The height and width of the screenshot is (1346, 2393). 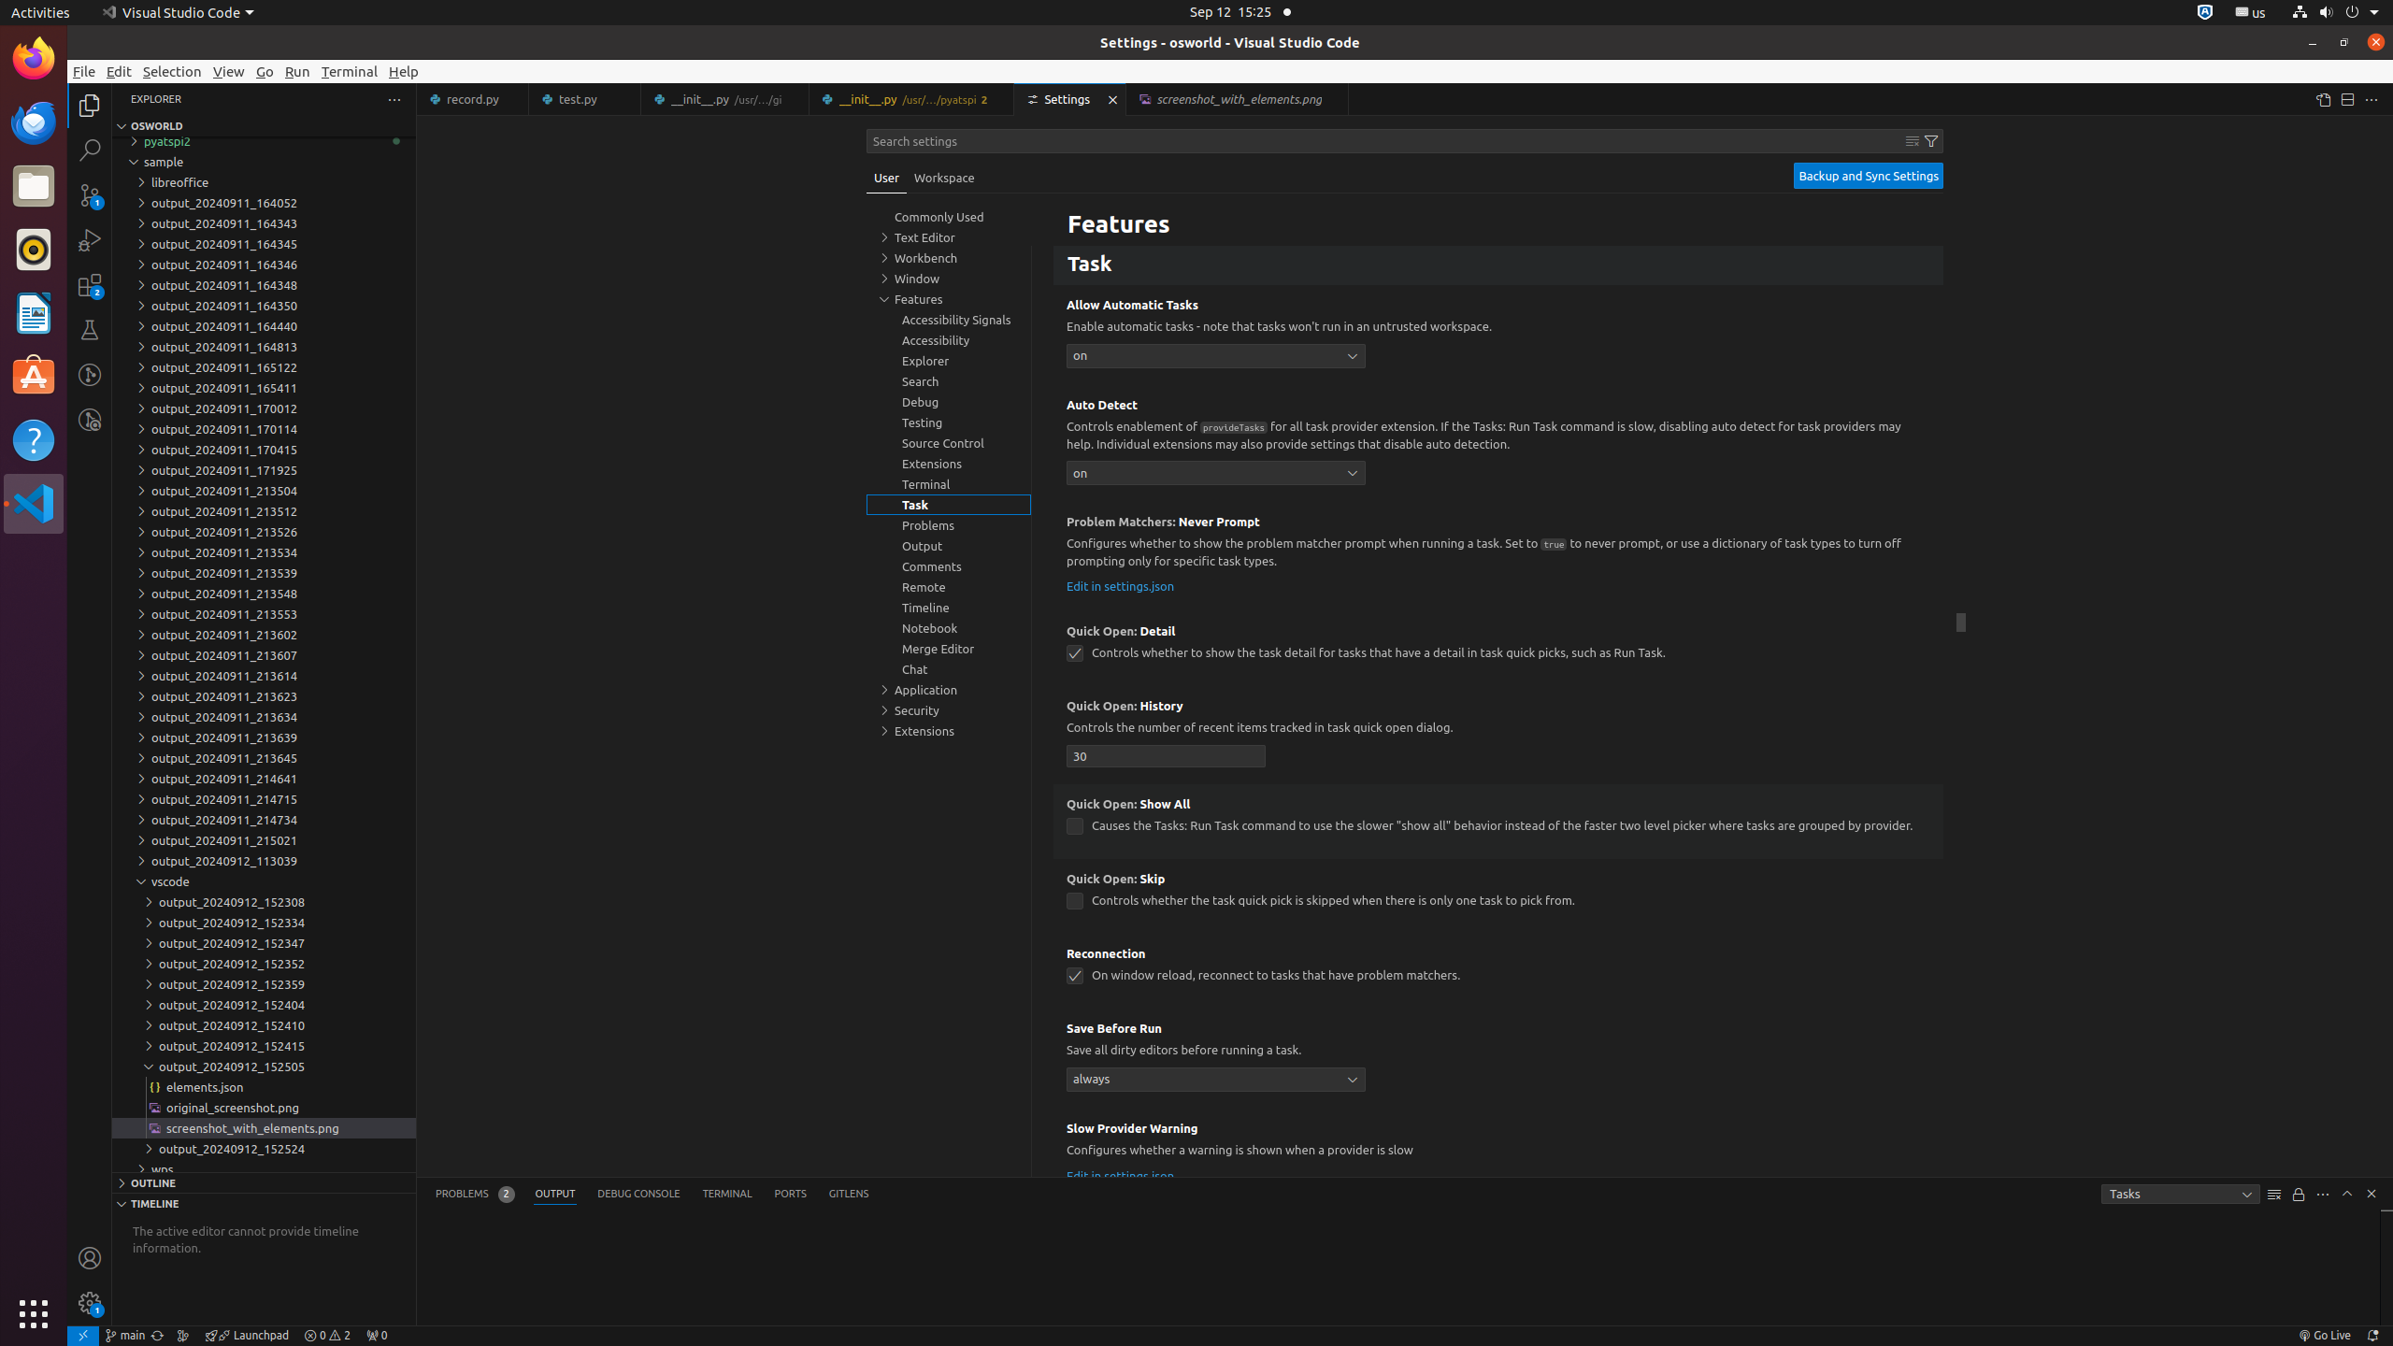 What do you see at coordinates (2370, 1192) in the screenshot?
I see `'Hide Panel'` at bounding box center [2370, 1192].